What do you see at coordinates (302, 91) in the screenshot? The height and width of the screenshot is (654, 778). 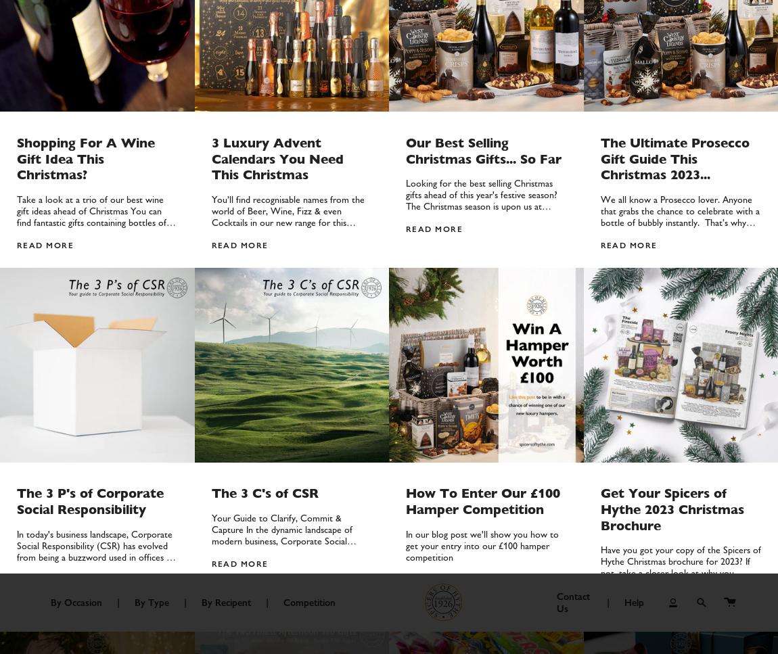 I see `'Business Use'` at bounding box center [302, 91].